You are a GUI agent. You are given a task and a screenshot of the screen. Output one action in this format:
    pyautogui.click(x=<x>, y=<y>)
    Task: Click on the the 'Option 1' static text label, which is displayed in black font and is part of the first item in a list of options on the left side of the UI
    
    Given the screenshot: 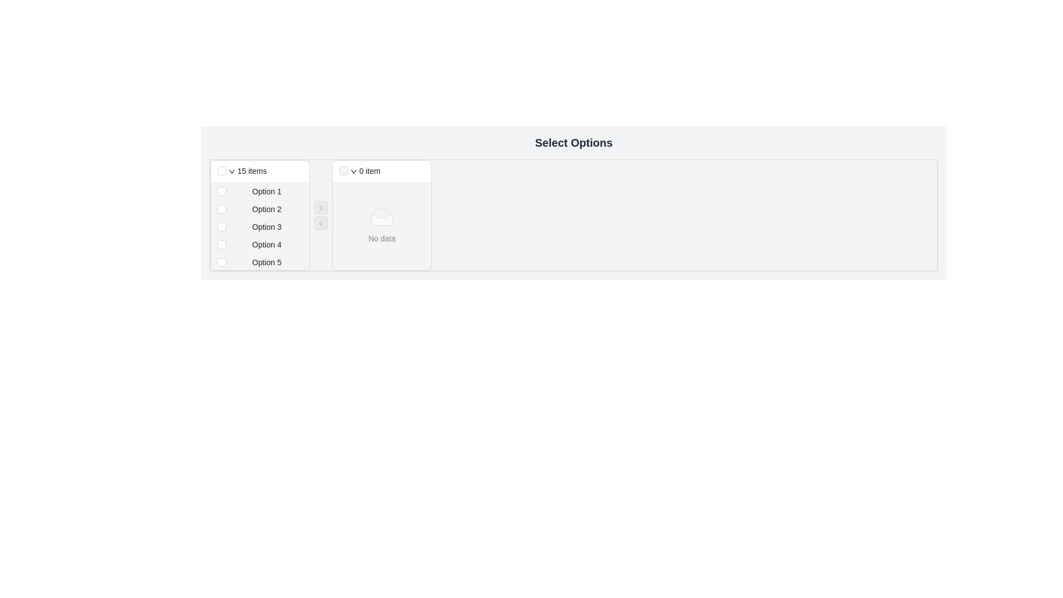 What is the action you would take?
    pyautogui.click(x=266, y=191)
    